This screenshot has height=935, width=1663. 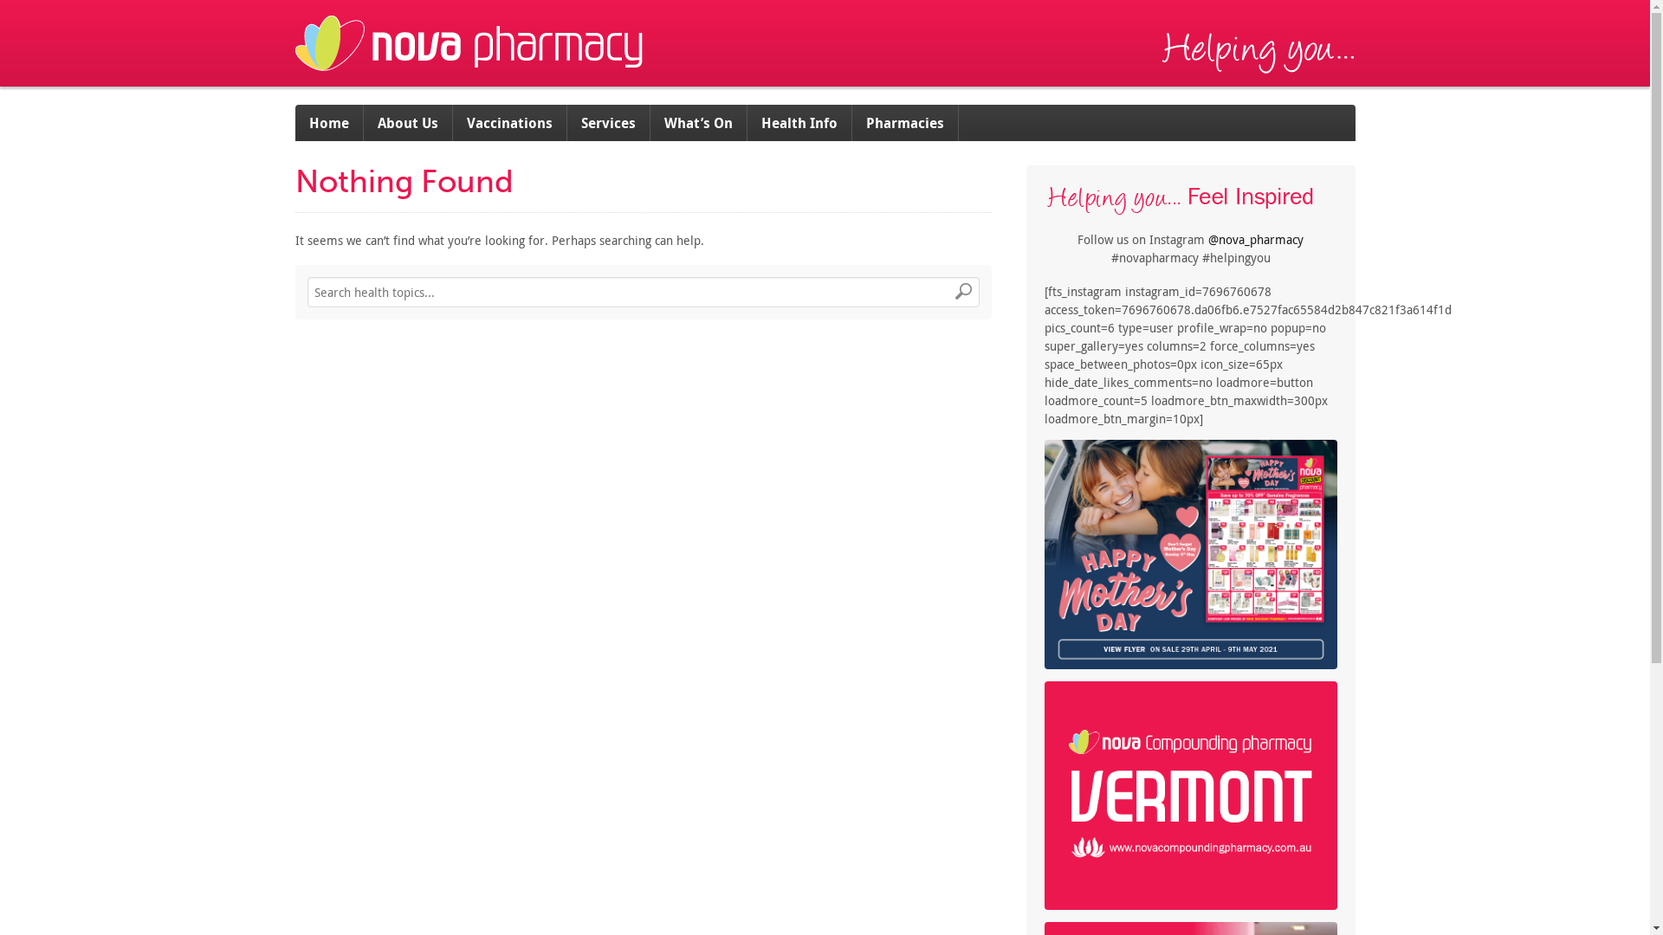 I want to click on '@nova_pharmacy', so click(x=1255, y=239).